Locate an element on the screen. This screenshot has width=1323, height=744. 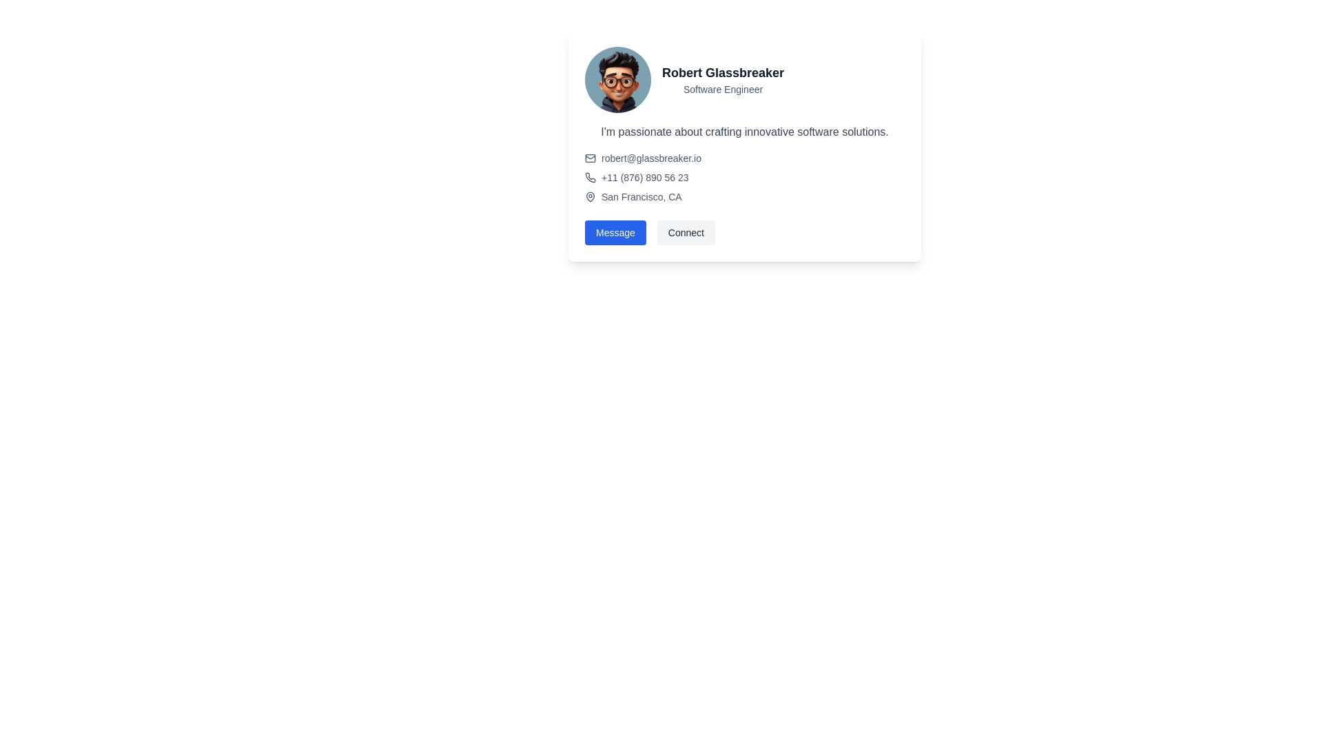
the professional tagline text element located below the 'Robert Glassbreaker' title and 'Software Engineer' subtitle, and above the contact details section is located at coordinates (743, 132).